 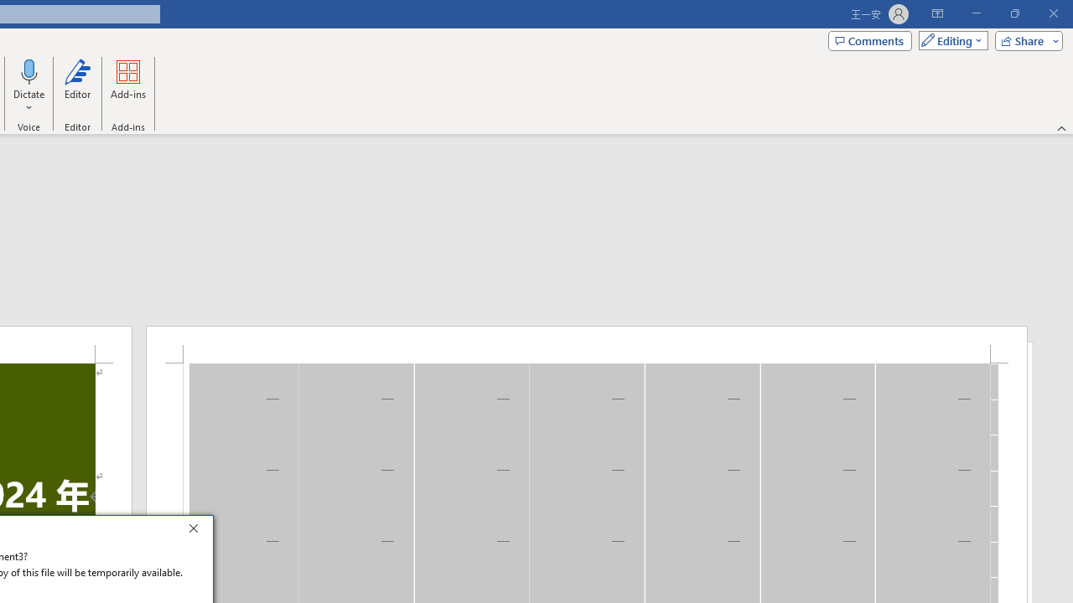 What do you see at coordinates (587, 343) in the screenshot?
I see `'Header -Section 1-'` at bounding box center [587, 343].